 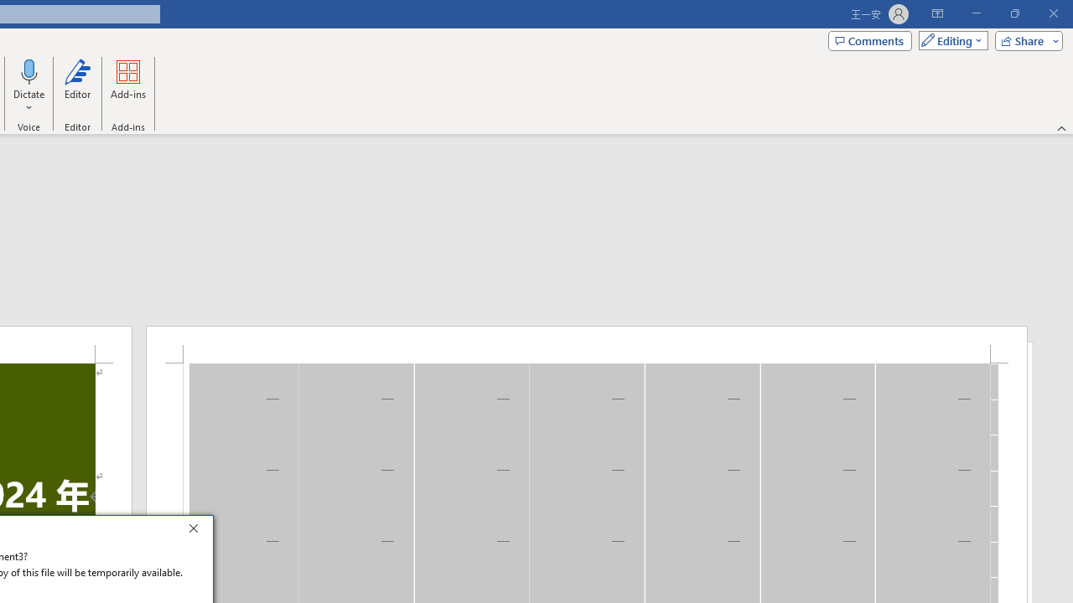 What do you see at coordinates (587, 343) in the screenshot?
I see `'Header -Section 1-'` at bounding box center [587, 343].